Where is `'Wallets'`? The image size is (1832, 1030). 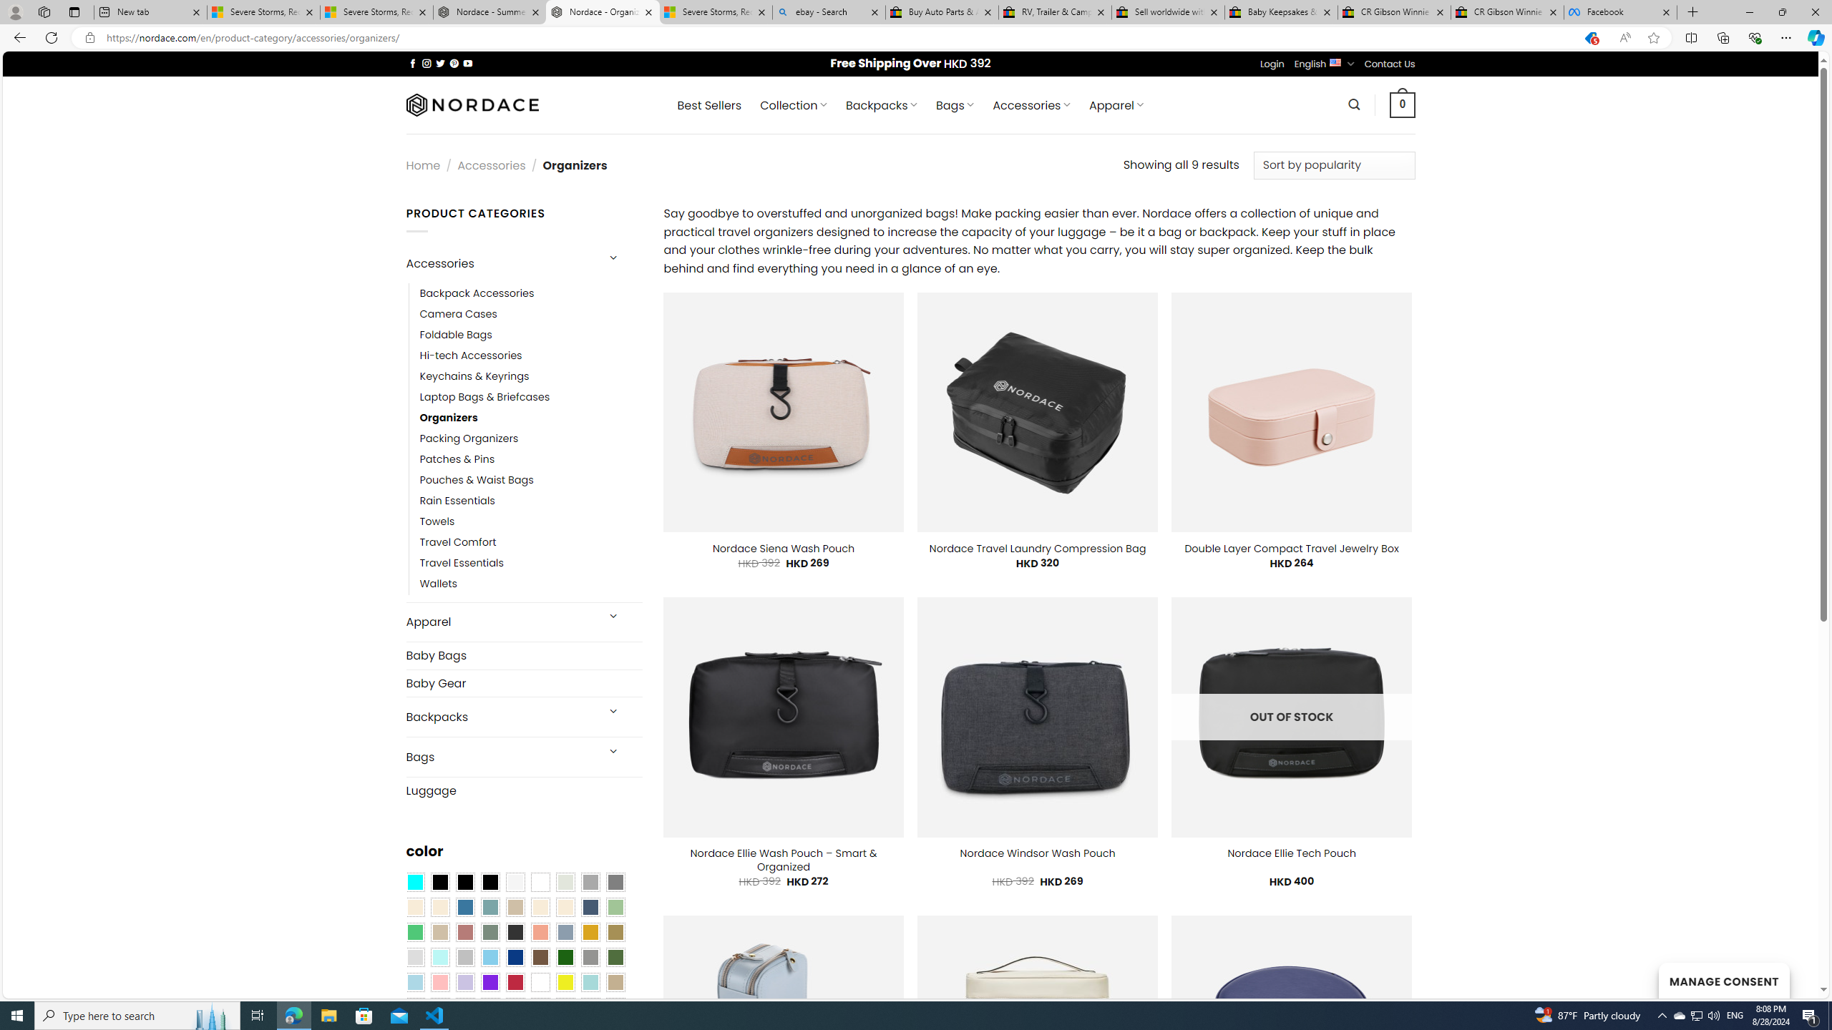 'Wallets' is located at coordinates (530, 584).